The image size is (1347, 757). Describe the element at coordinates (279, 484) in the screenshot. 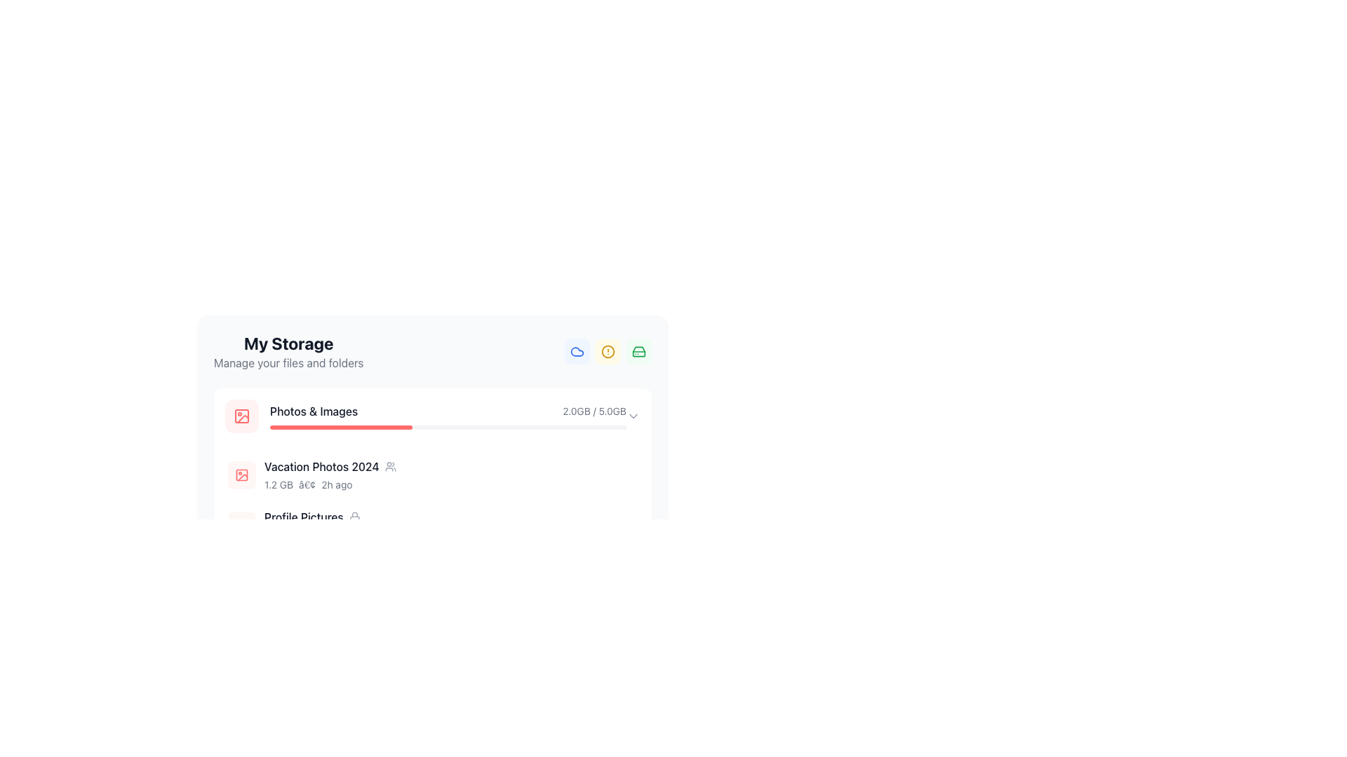

I see `the static text label displaying '1.2 GB', which is styled with a gray font color and positioned to the left of the middle dot symbol (•) in the second listed item indicating 'Vacation Photos 2024'` at that location.